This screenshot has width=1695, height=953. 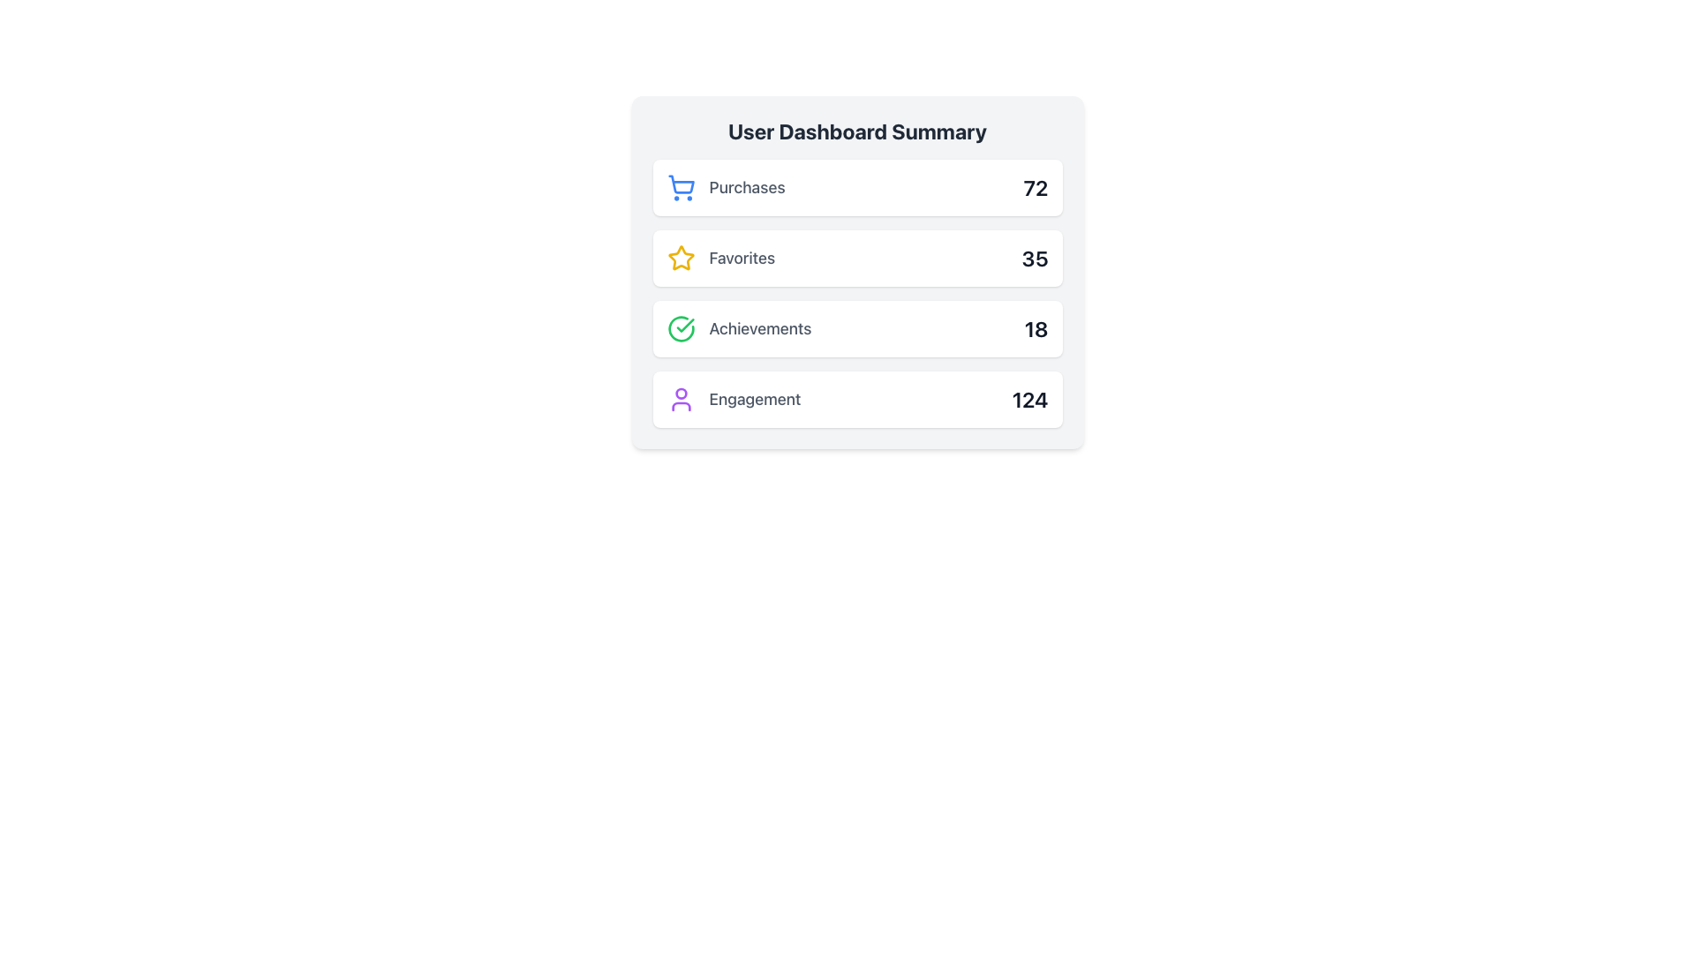 What do you see at coordinates (680, 184) in the screenshot?
I see `the main body of the shopping cart icon, which has a blue outline and is located to the left of the 'Purchases' label in the dashboard summary widget` at bounding box center [680, 184].